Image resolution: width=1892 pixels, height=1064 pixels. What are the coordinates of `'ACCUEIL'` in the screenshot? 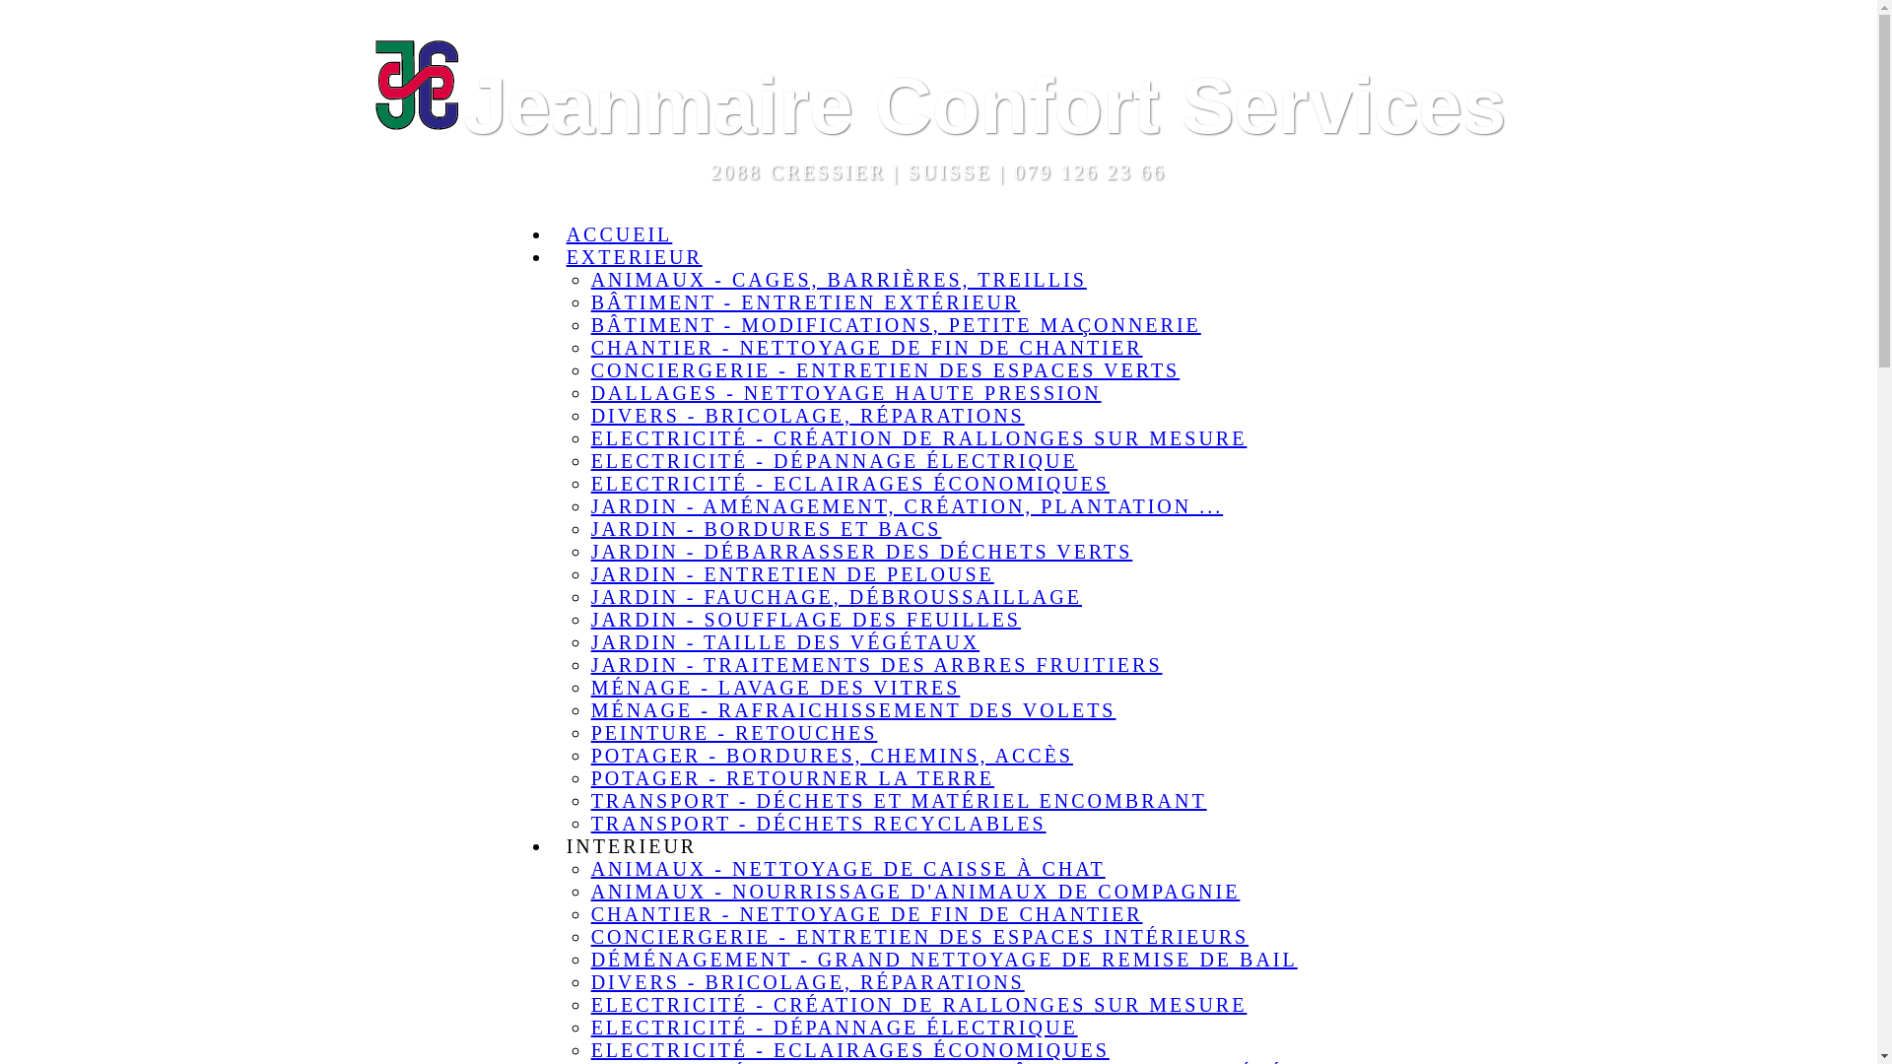 It's located at (618, 233).